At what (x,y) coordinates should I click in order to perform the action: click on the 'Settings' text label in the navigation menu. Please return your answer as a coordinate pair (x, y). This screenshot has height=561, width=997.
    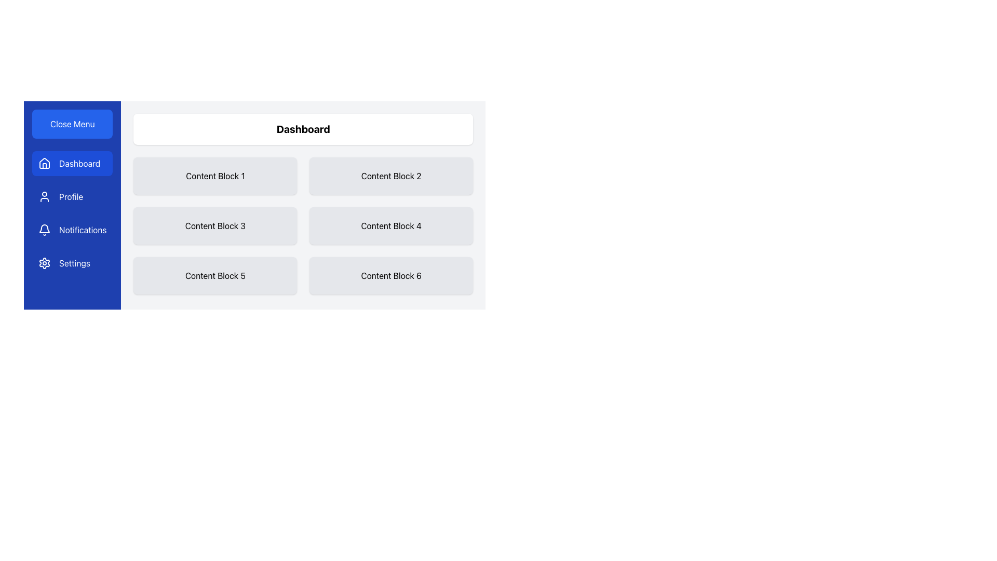
    Looking at the image, I should click on (74, 262).